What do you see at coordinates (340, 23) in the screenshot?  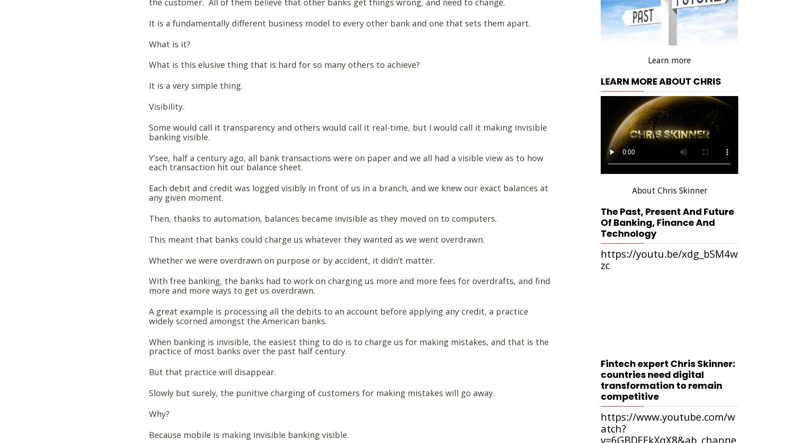 I see `'It is a fundamentally different business model to every other bank and one that sets them apart.'` at bounding box center [340, 23].